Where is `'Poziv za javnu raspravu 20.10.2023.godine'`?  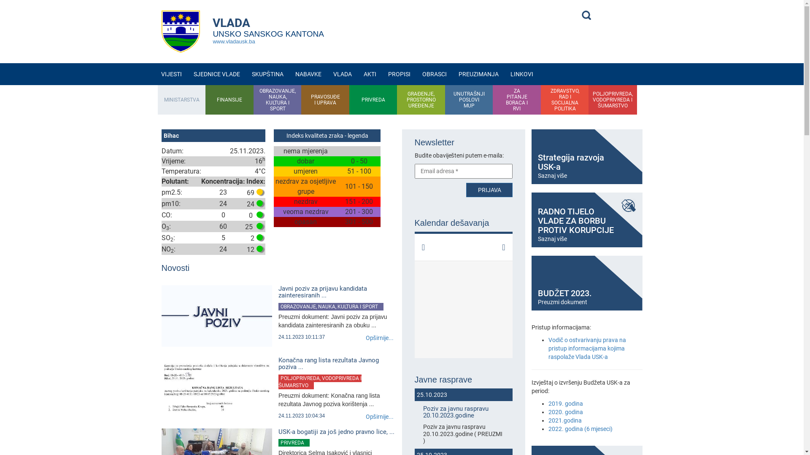 'Poziv za javnu raspravu 20.10.2023.godine' is located at coordinates (463, 412).